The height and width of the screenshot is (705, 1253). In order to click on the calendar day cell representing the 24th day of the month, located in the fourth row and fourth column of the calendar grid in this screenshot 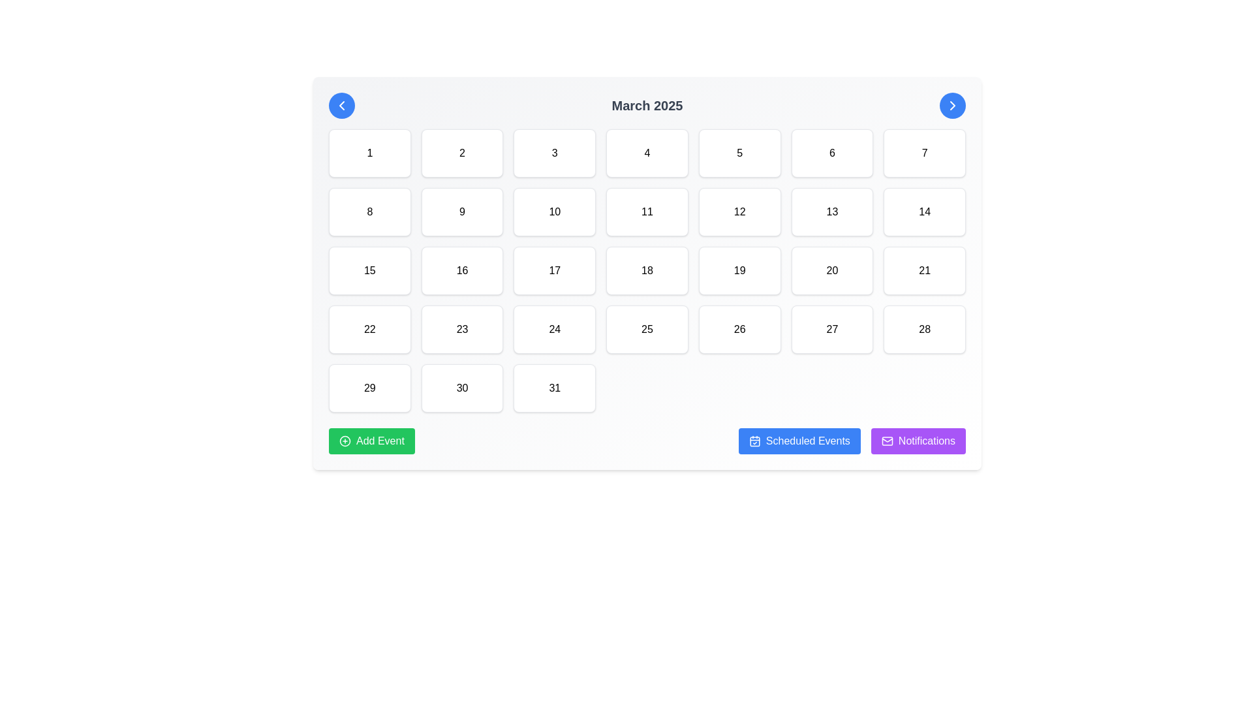, I will do `click(555, 329)`.